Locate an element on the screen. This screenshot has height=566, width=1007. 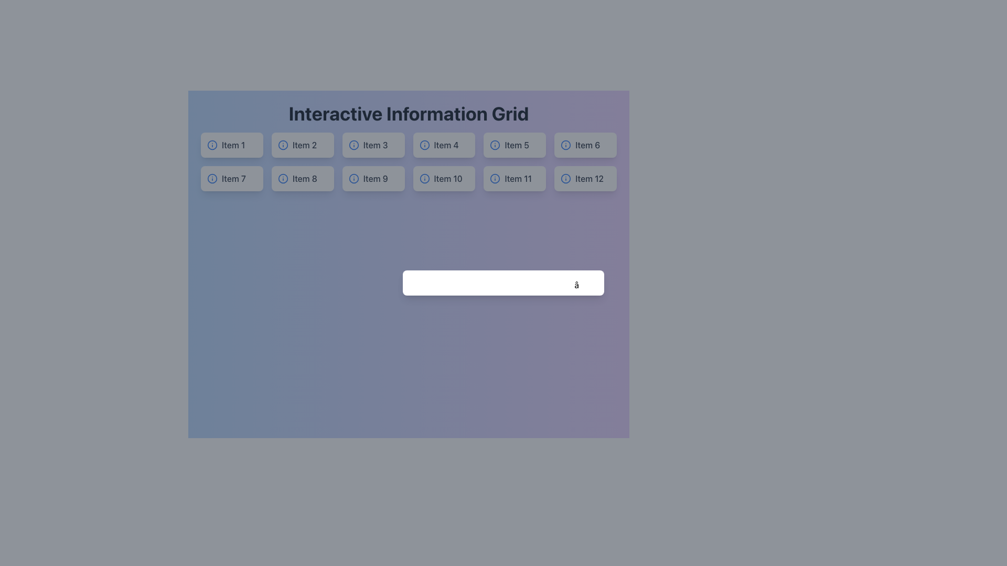
the blue information icon represented as a circle with a vertical line and dot, located to the left of the text 'Item 6' in the upper right segment of the grid layout is located at coordinates (565, 145).